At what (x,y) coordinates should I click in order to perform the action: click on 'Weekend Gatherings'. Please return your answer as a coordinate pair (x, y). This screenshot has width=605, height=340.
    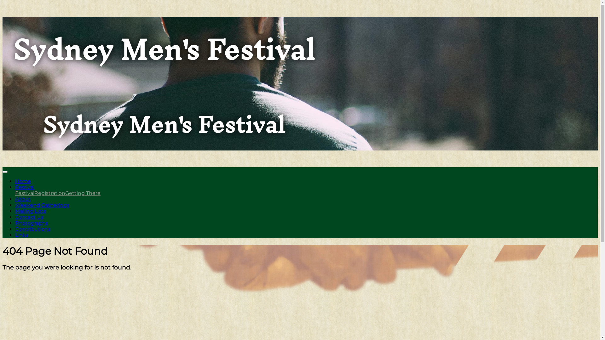
    Looking at the image, I should click on (42, 205).